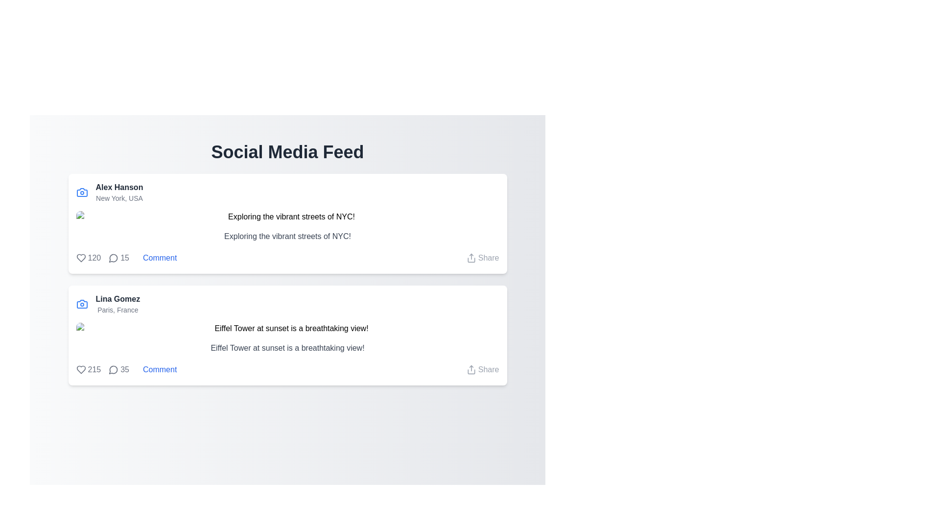  I want to click on the text display that reads 'Eiffel Tower at sunset is a breathtaking view!' which is part of a social media post authored by Lina Gomez, so click(287, 347).